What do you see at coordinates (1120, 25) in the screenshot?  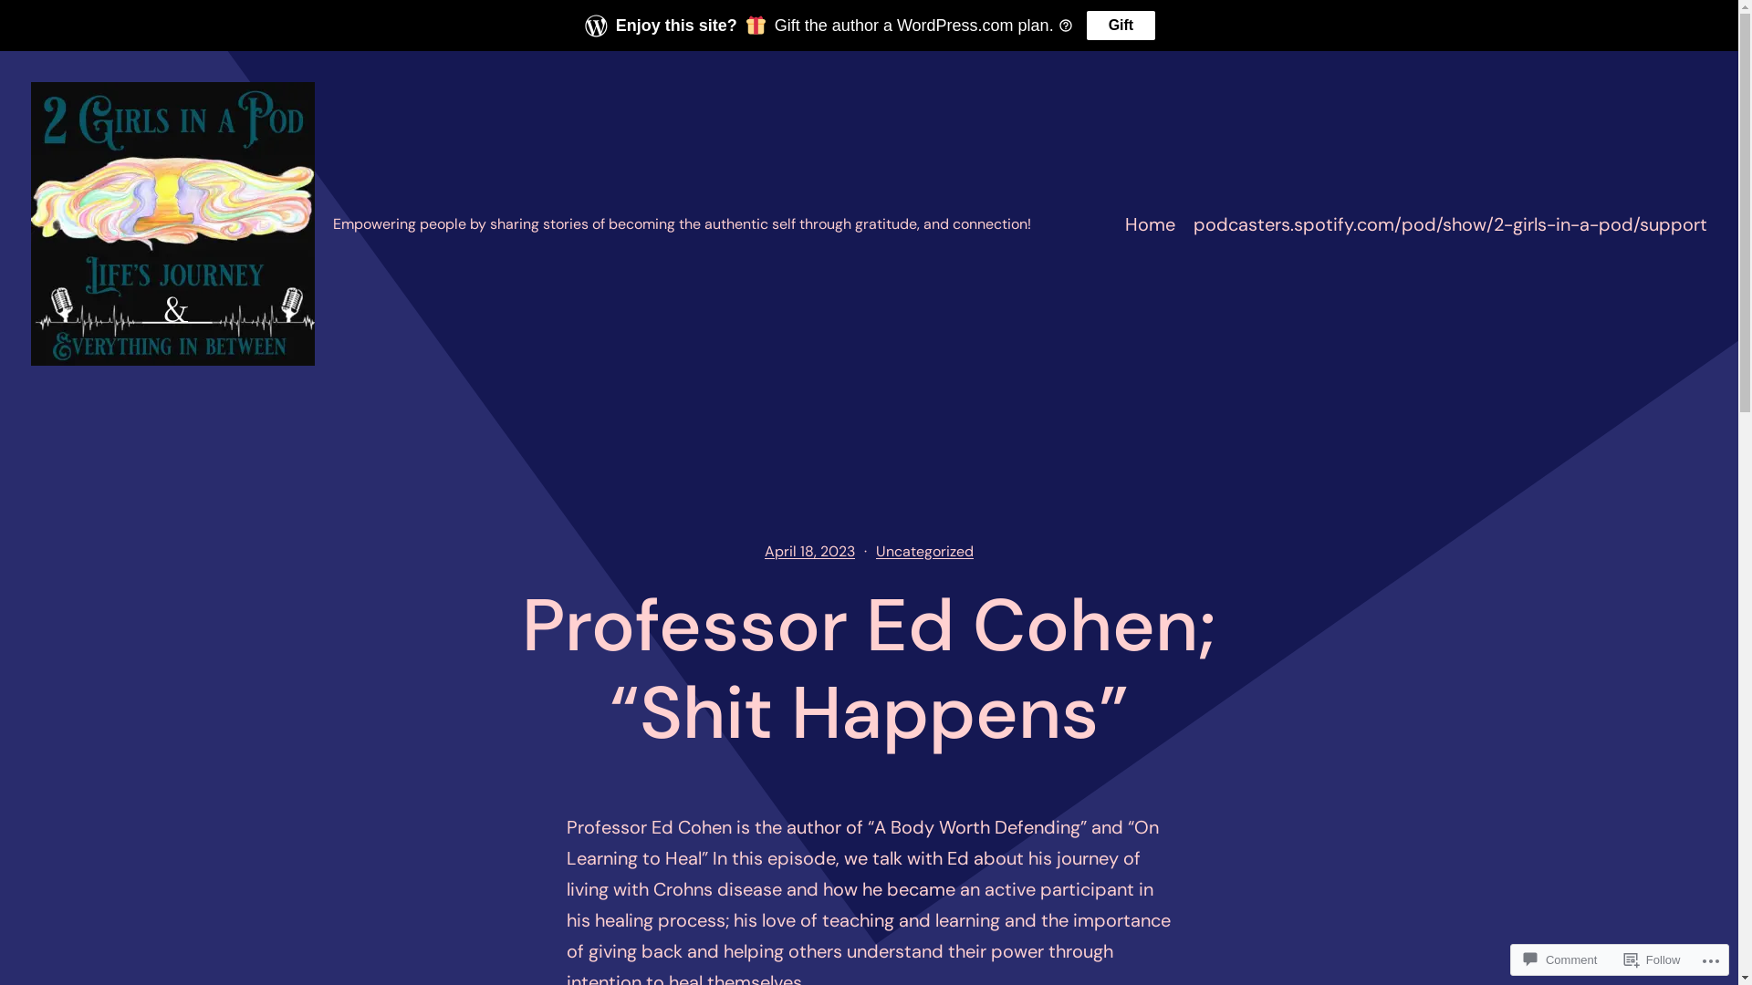 I see `'Gift'` at bounding box center [1120, 25].